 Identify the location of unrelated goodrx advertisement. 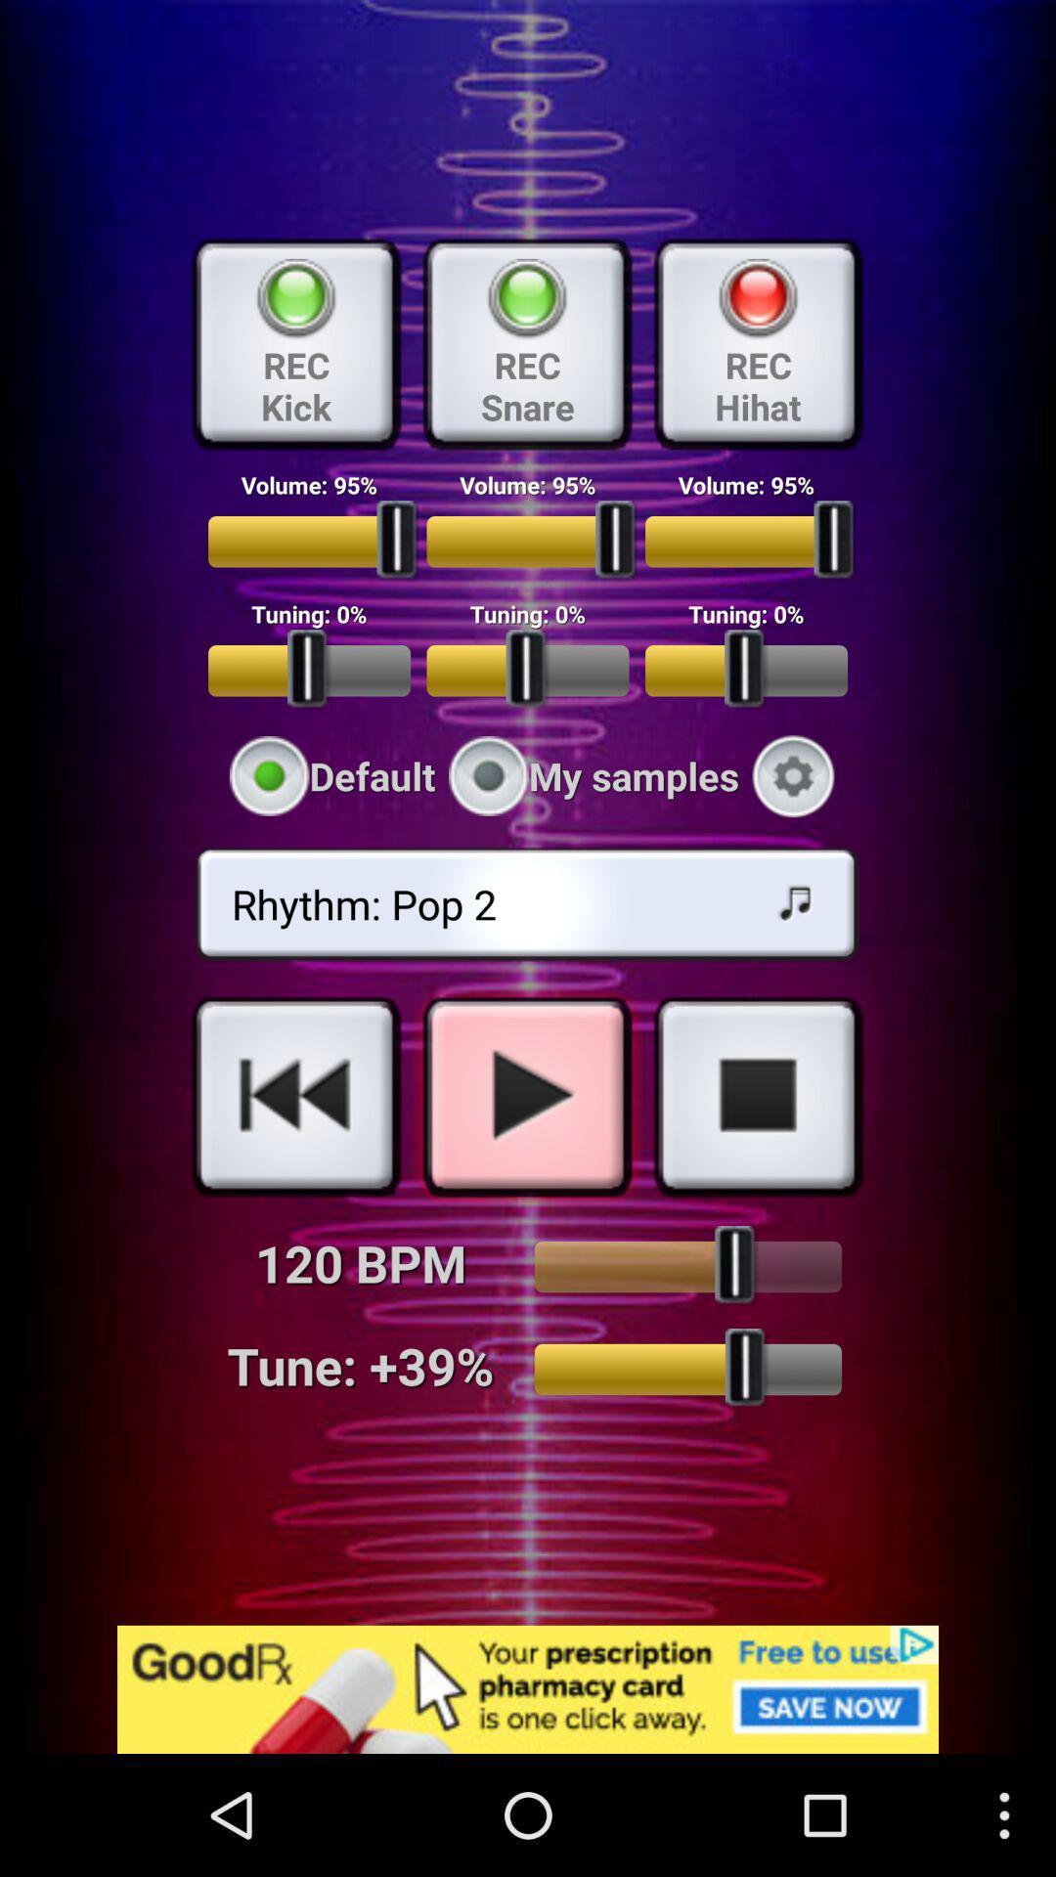
(528, 1688).